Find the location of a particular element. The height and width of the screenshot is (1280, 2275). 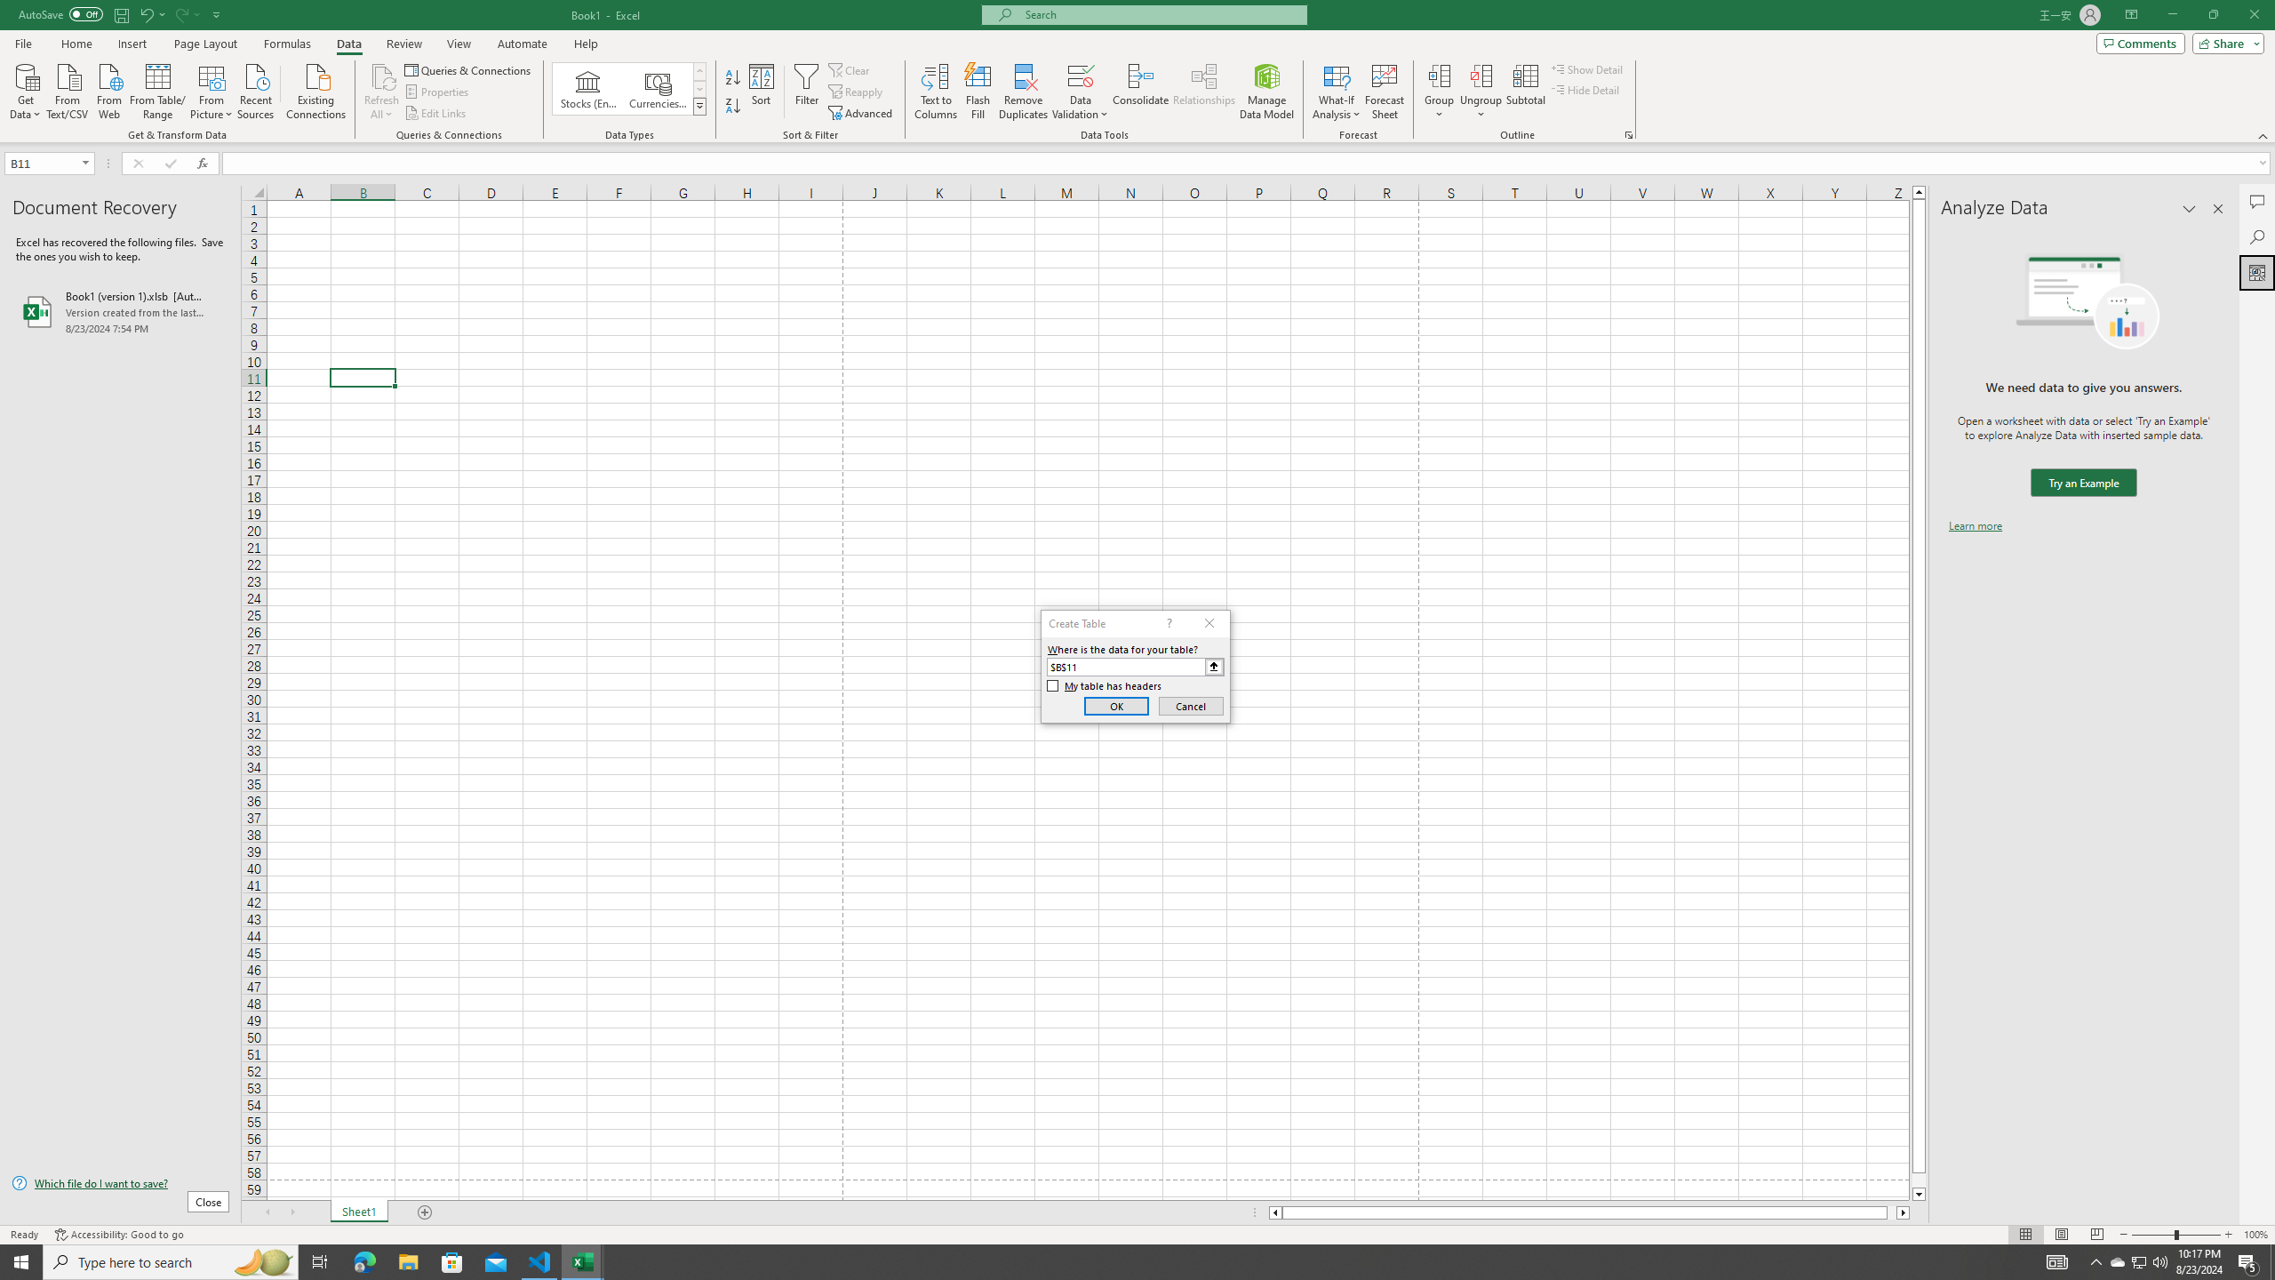

'What-If Analysis' is located at coordinates (1337, 92).